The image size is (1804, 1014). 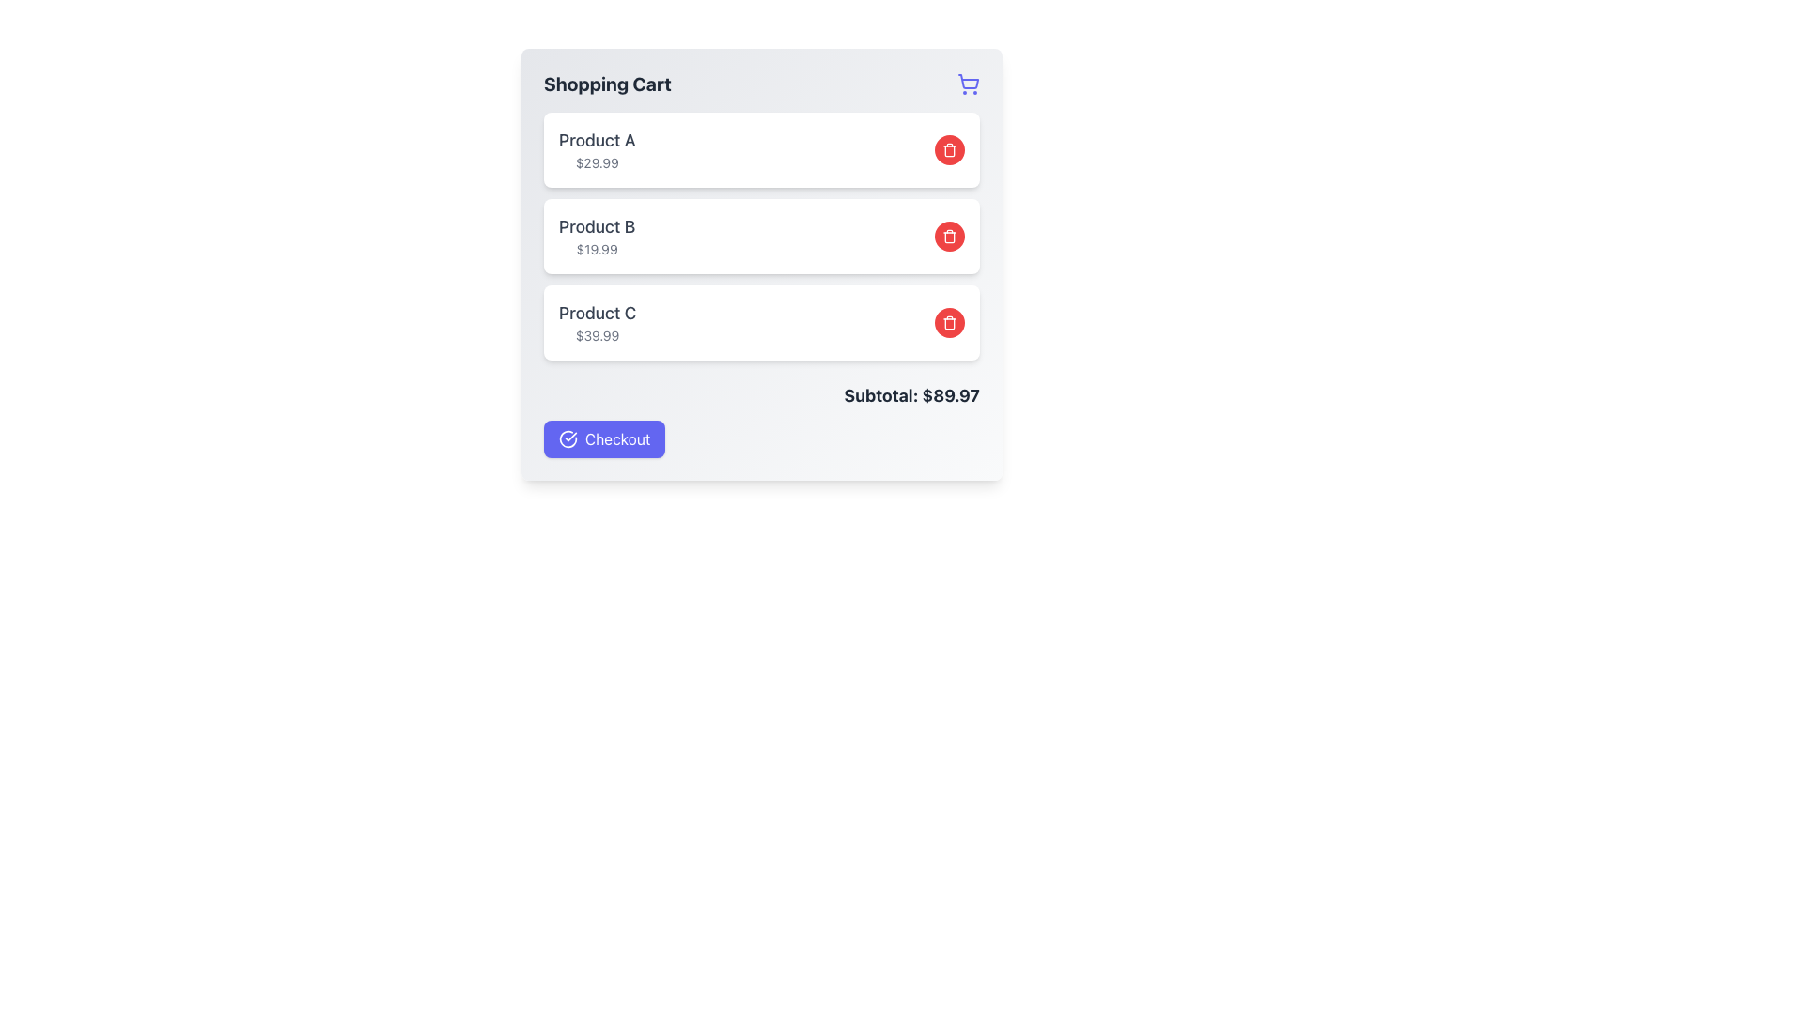 I want to click on the text label 'Product B' which is styled with a medium, gray font and located in the second row of the shopping cart, above the price tag '$19.99', so click(x=596, y=226).